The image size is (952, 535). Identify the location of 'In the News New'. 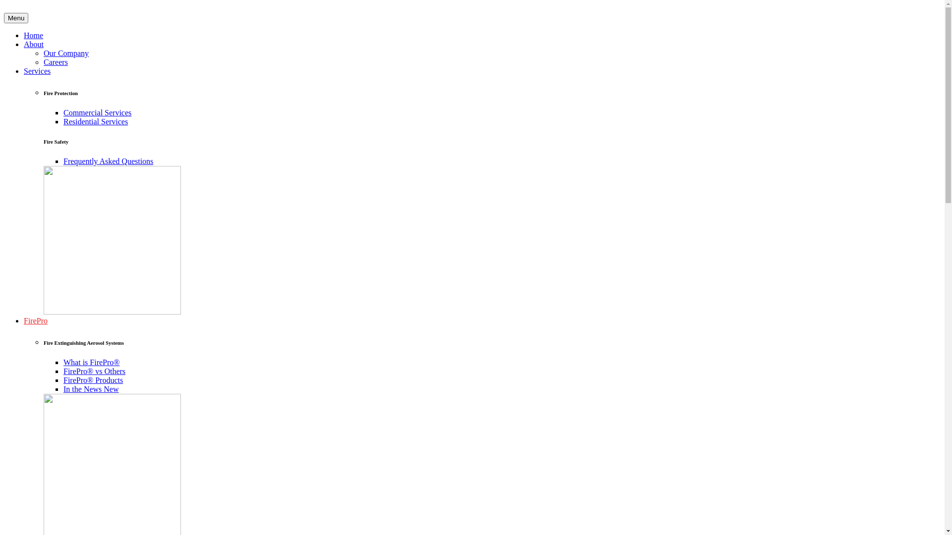
(91, 388).